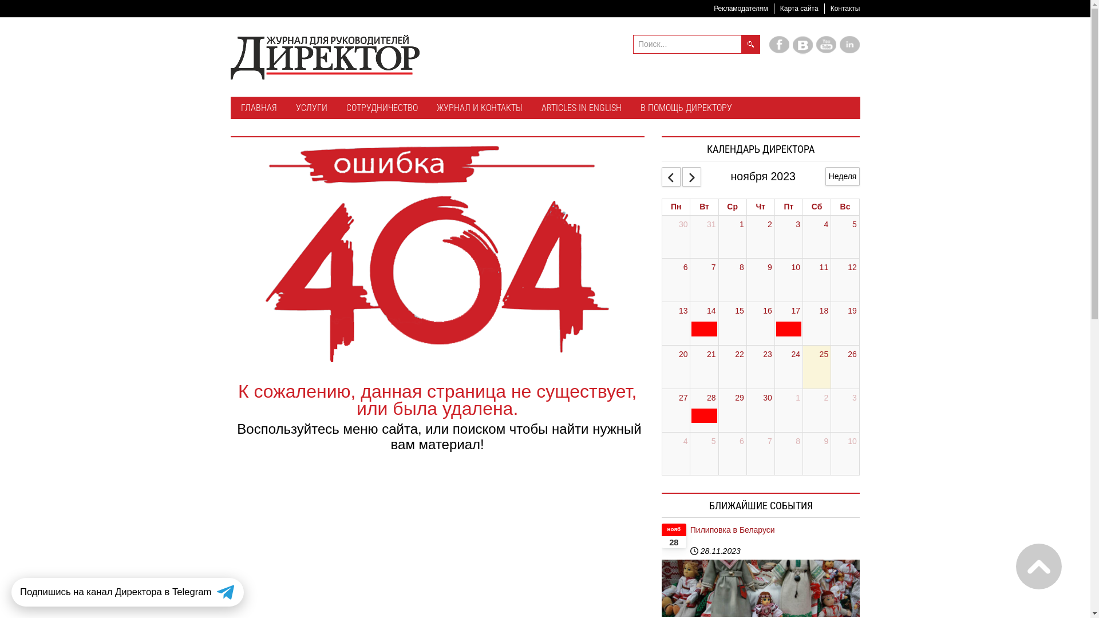  I want to click on '26', so click(852, 354).